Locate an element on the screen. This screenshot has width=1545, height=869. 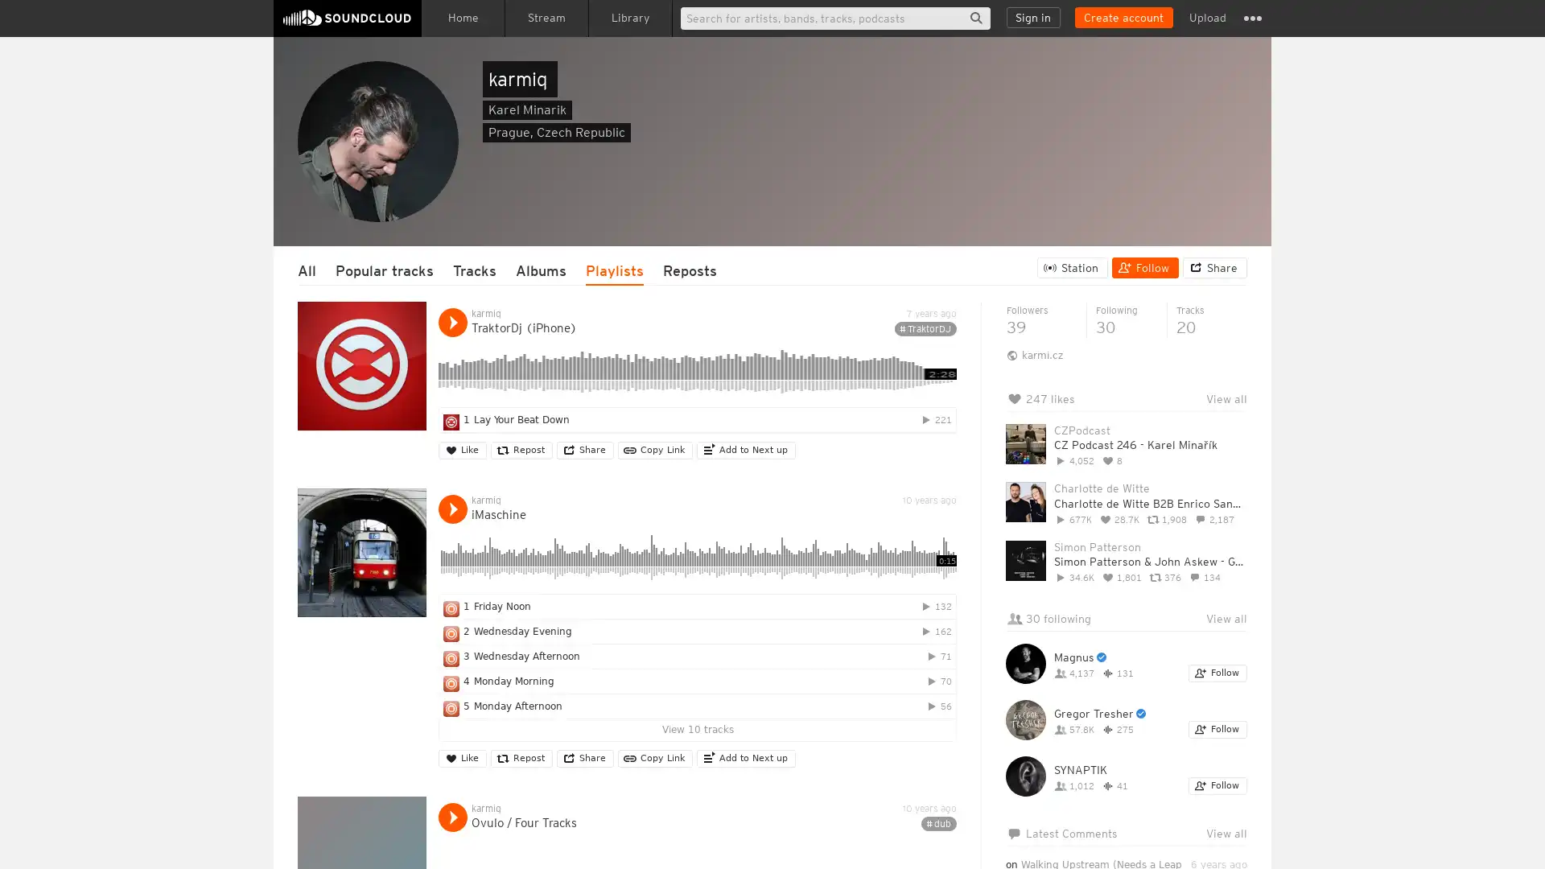
Follow is located at coordinates (1217, 673).